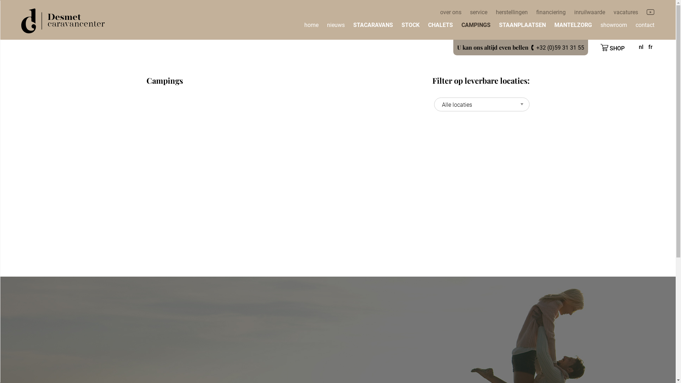 The width and height of the screenshot is (681, 383). Describe the element at coordinates (335, 24) in the screenshot. I see `'nieuws'` at that location.